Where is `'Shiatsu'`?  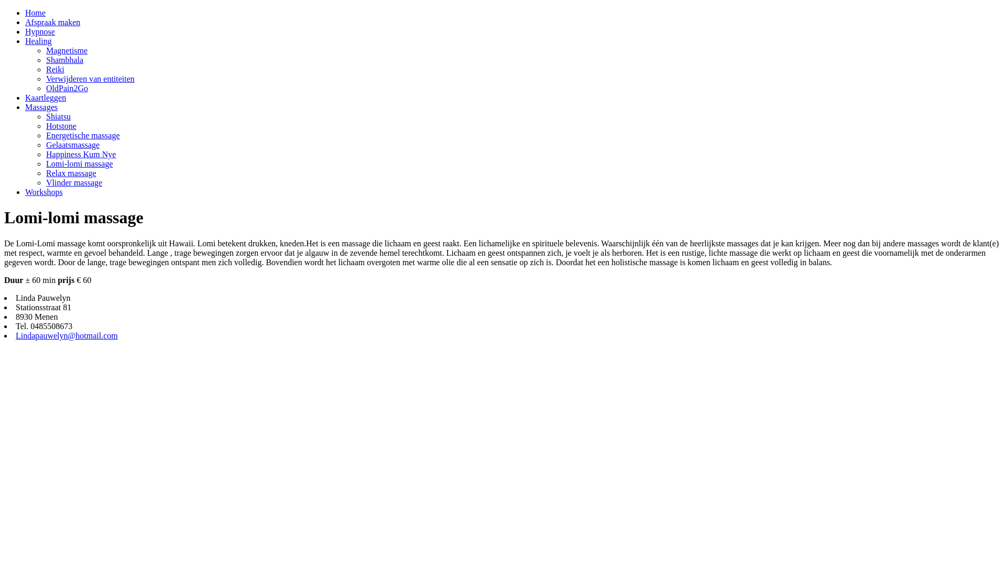
'Shiatsu' is located at coordinates (58, 116).